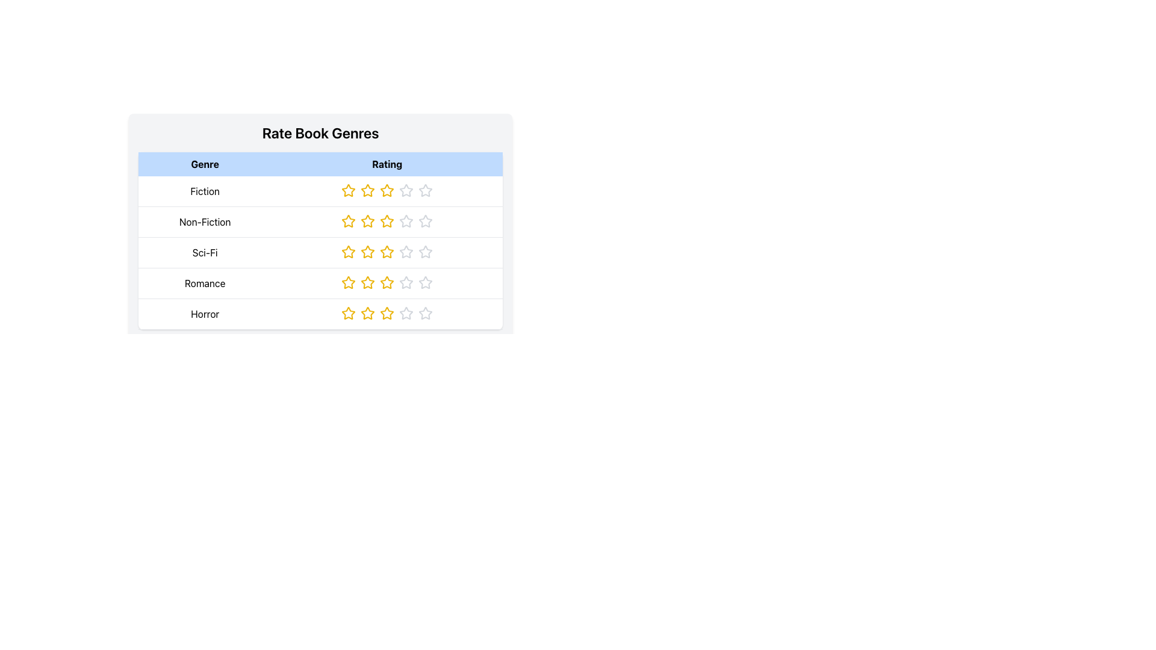 This screenshot has width=1156, height=650. I want to click on the second star-shaped rating icon in the rating row associated with the 'Non-Fiction' genre, so click(348, 221).